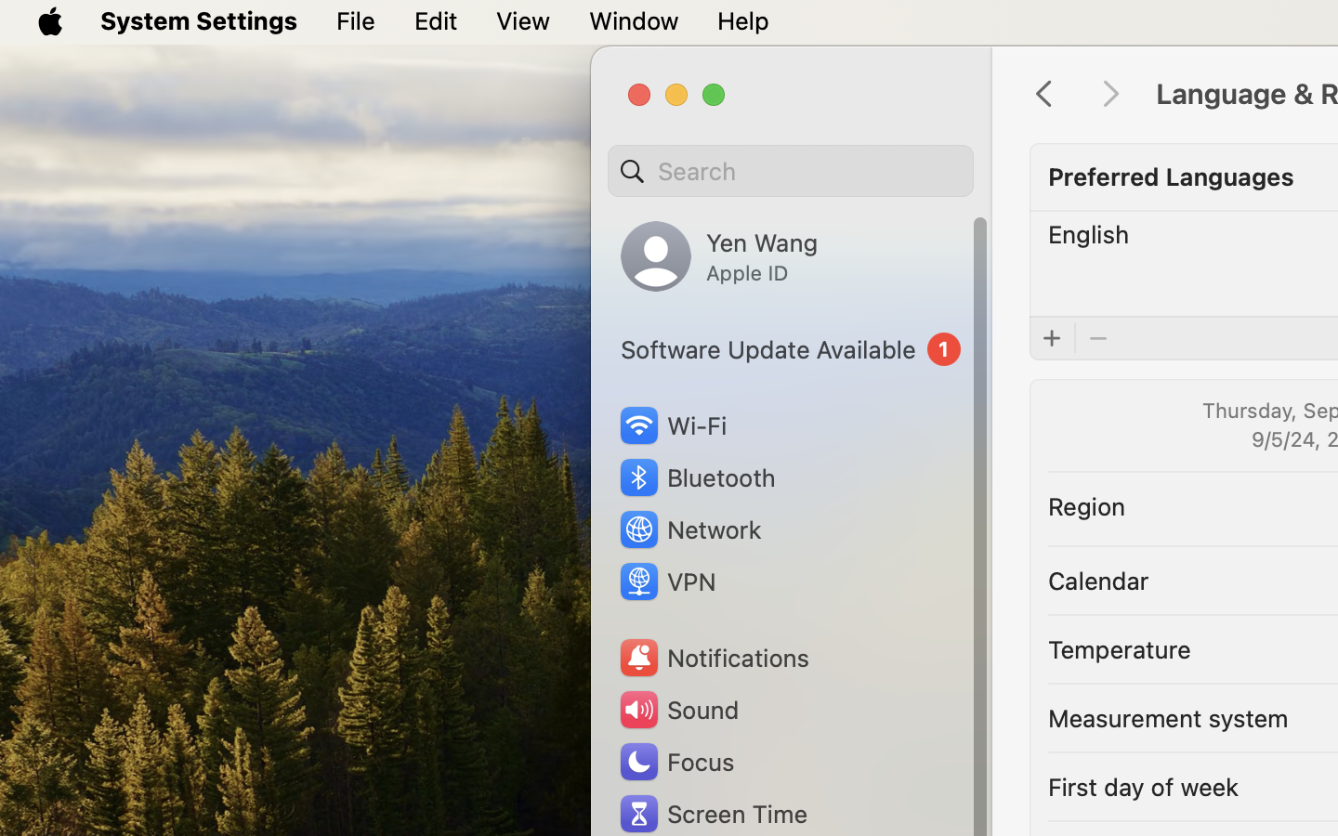  What do you see at coordinates (1166, 716) in the screenshot?
I see `'Measurement system'` at bounding box center [1166, 716].